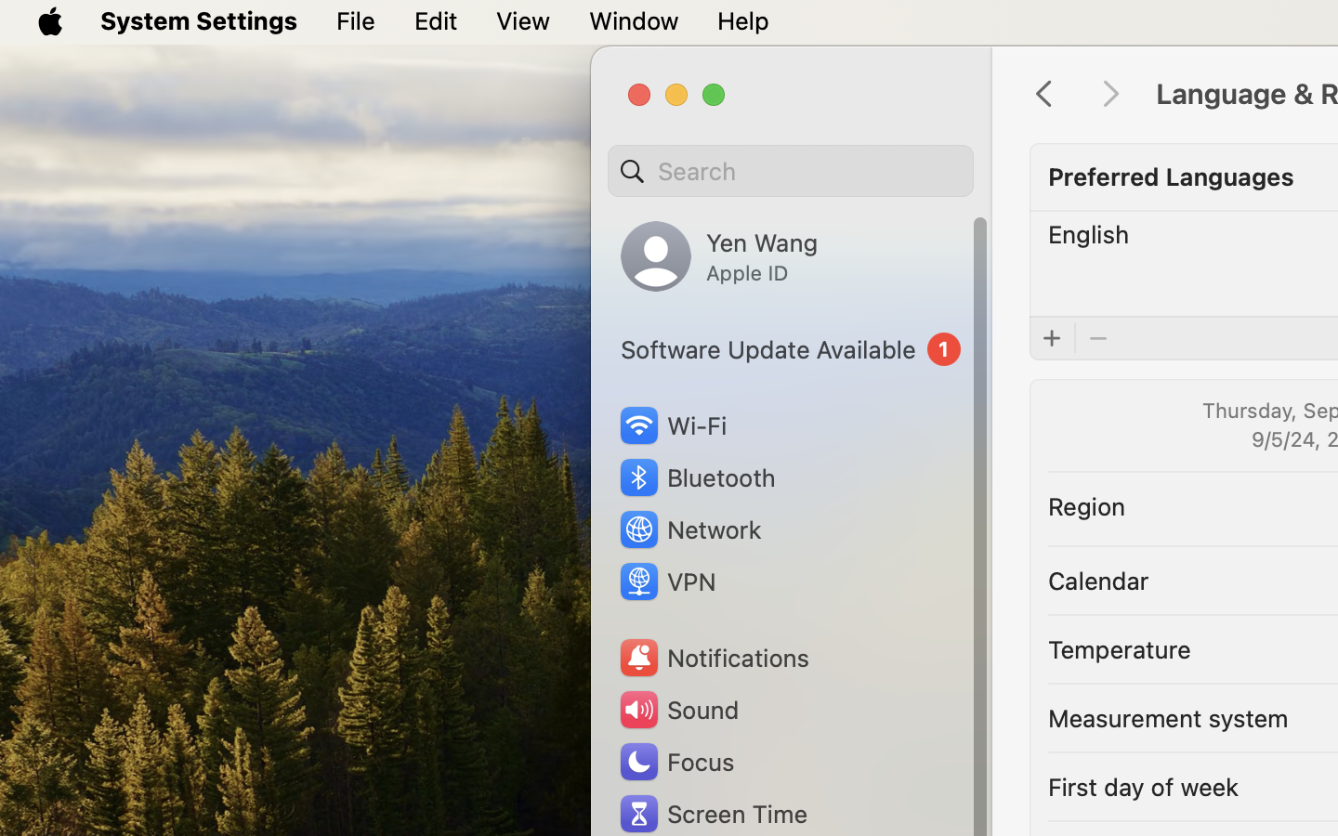  What do you see at coordinates (1166, 716) in the screenshot?
I see `'Measurement system'` at bounding box center [1166, 716].